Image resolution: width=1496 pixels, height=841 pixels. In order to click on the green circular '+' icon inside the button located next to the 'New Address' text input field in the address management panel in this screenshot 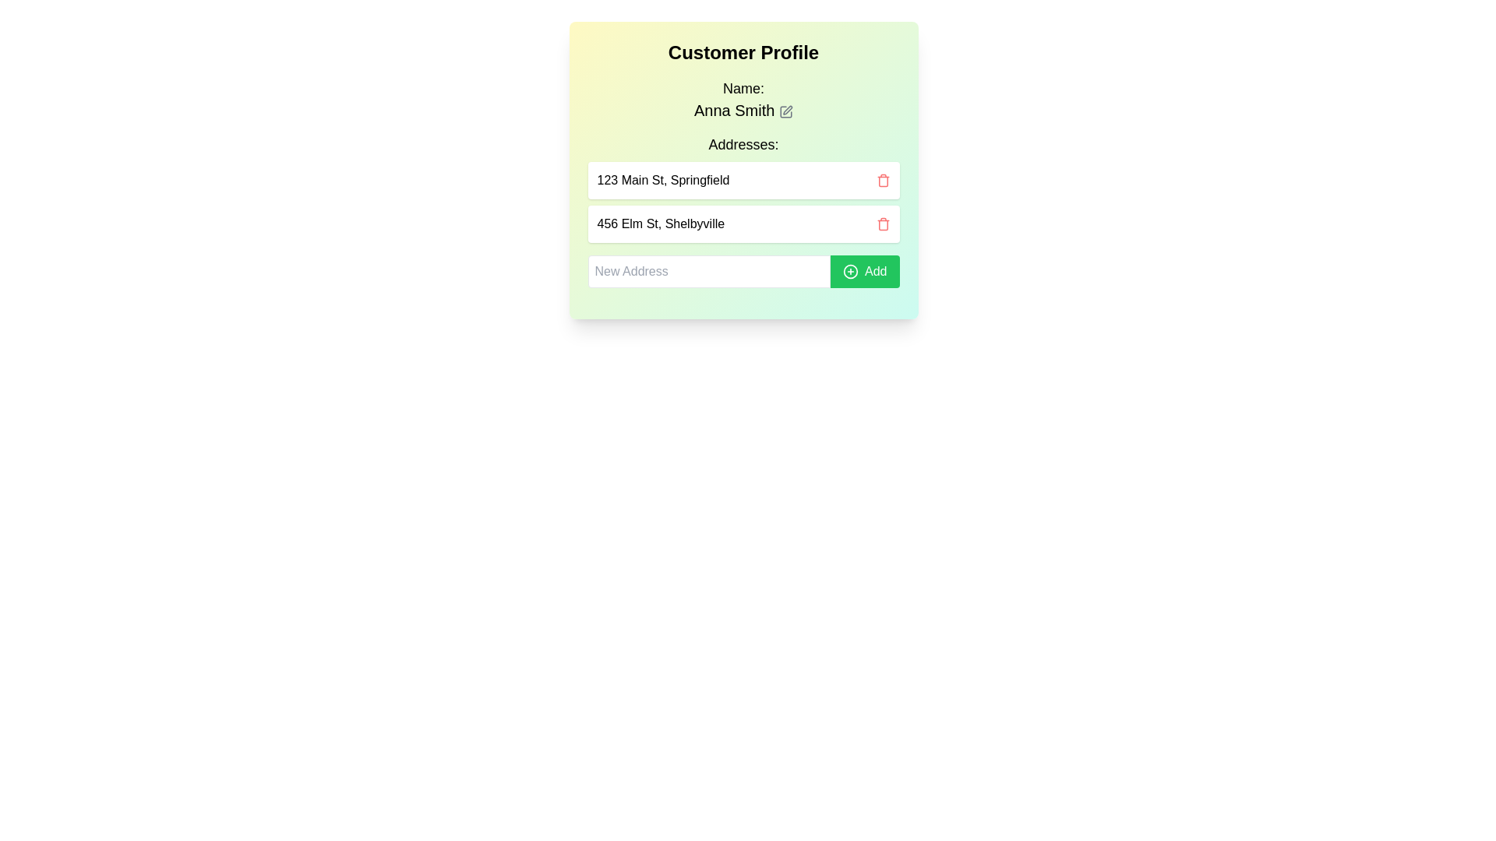, I will do `click(850, 270)`.